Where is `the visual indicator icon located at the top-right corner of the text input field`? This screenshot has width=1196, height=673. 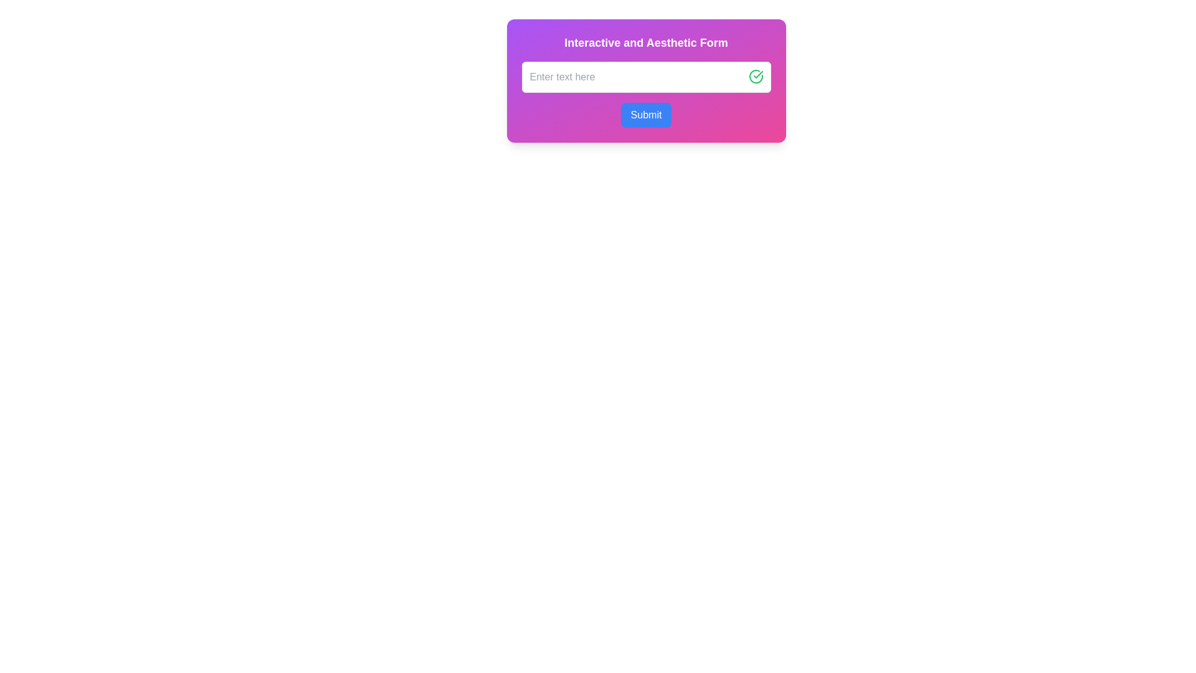 the visual indicator icon located at the top-right corner of the text input field is located at coordinates (755, 77).